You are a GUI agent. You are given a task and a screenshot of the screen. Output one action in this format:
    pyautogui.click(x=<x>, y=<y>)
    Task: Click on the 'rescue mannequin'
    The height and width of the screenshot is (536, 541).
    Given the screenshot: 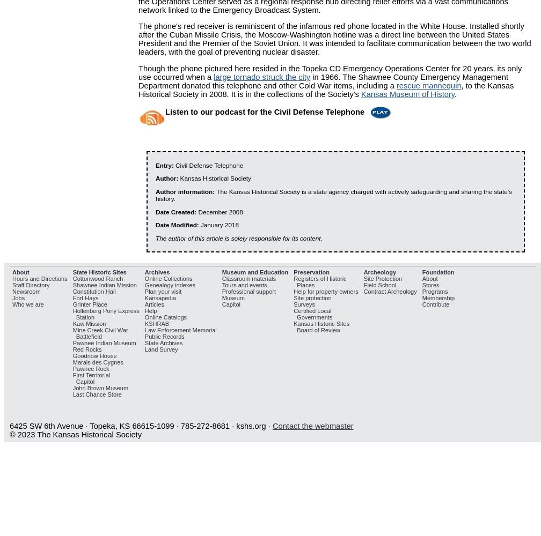 What is the action you would take?
    pyautogui.click(x=396, y=86)
    